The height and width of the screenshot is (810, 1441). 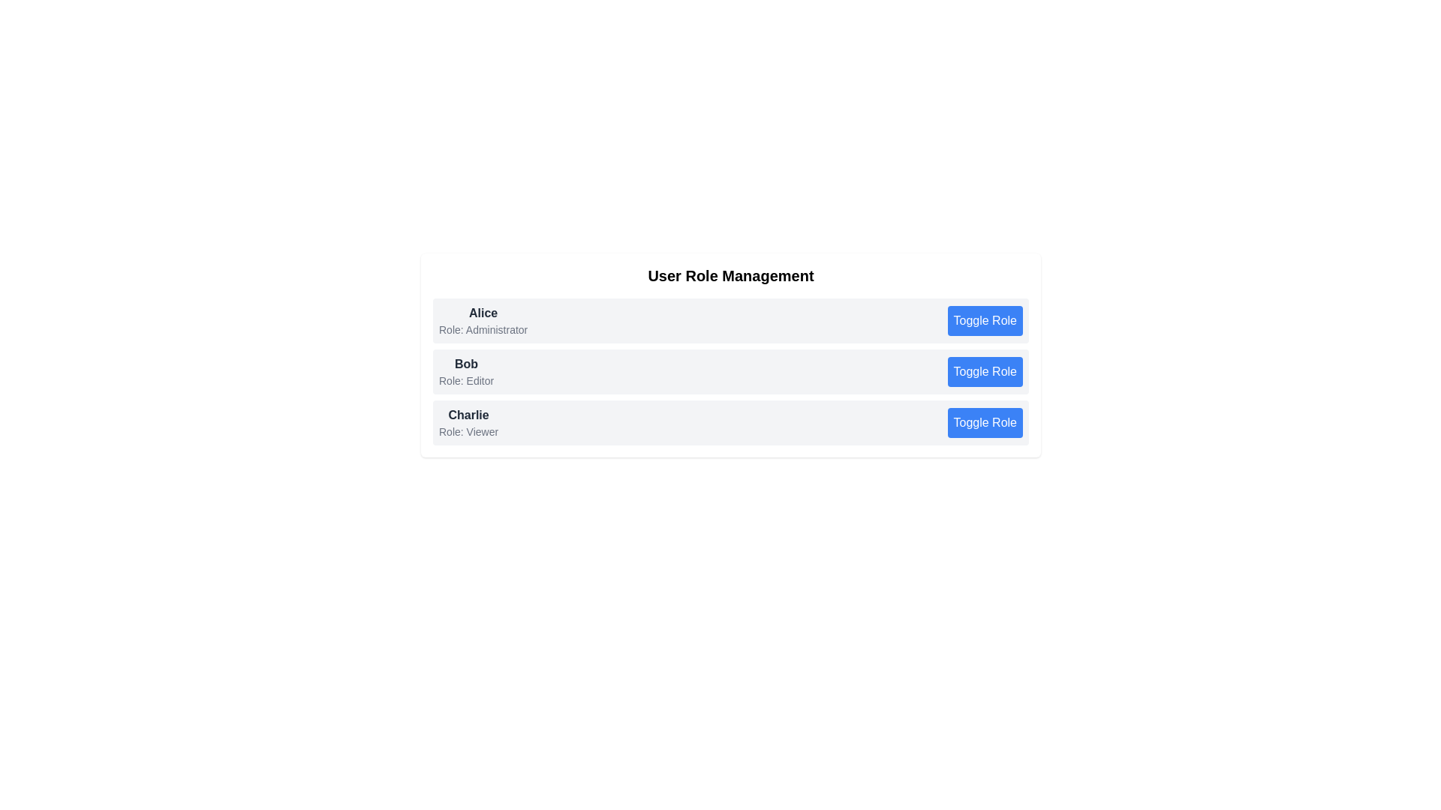 I want to click on the button located on the far right of the section labeled 'Charlie Role: Viewer', so click(x=985, y=422).